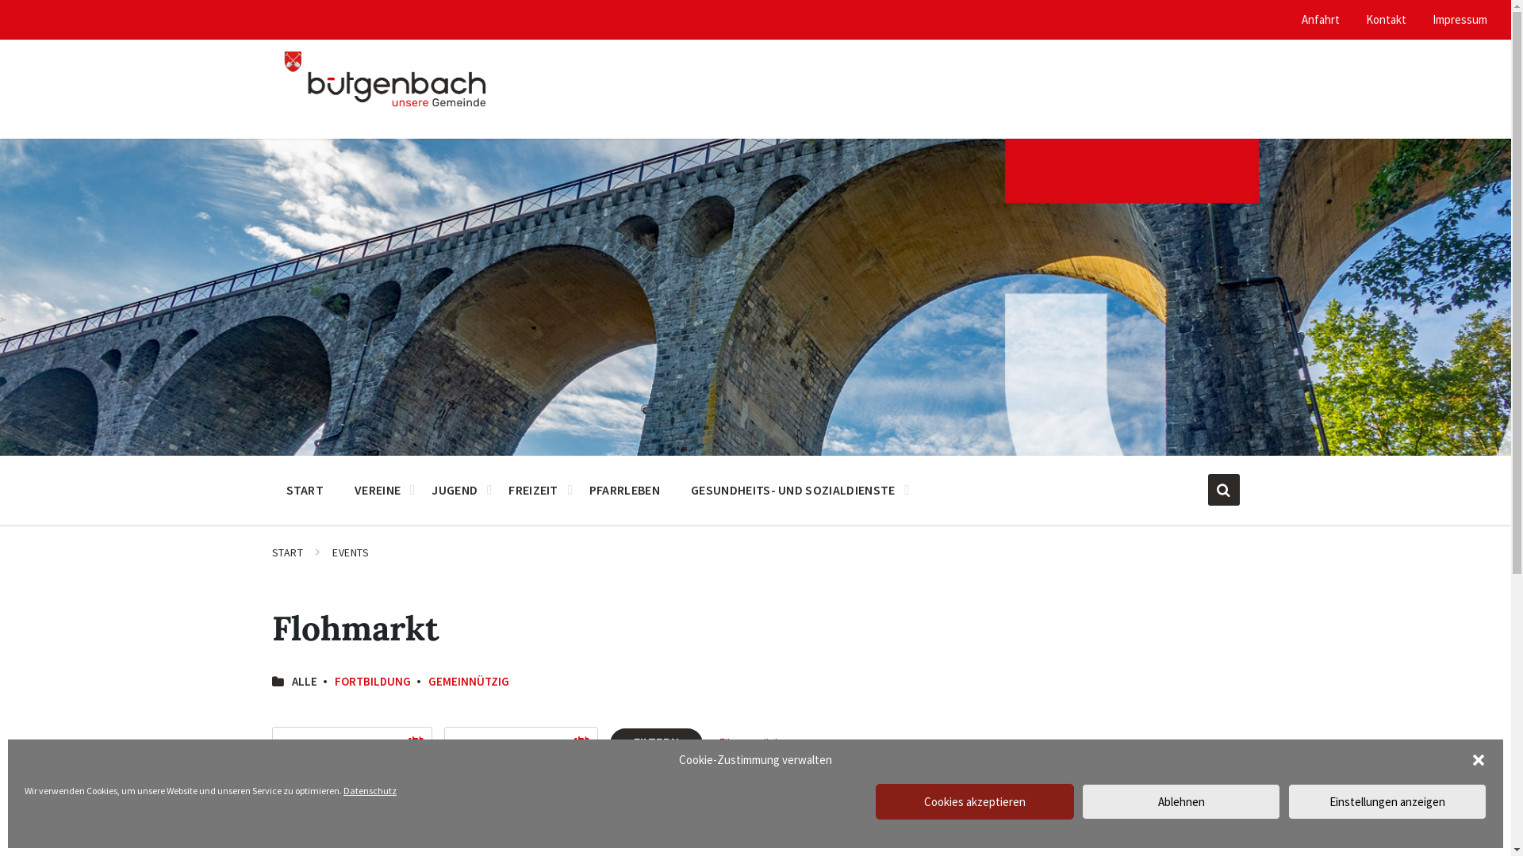 The height and width of the screenshot is (856, 1523). I want to click on 'Datenschutz', so click(369, 790).